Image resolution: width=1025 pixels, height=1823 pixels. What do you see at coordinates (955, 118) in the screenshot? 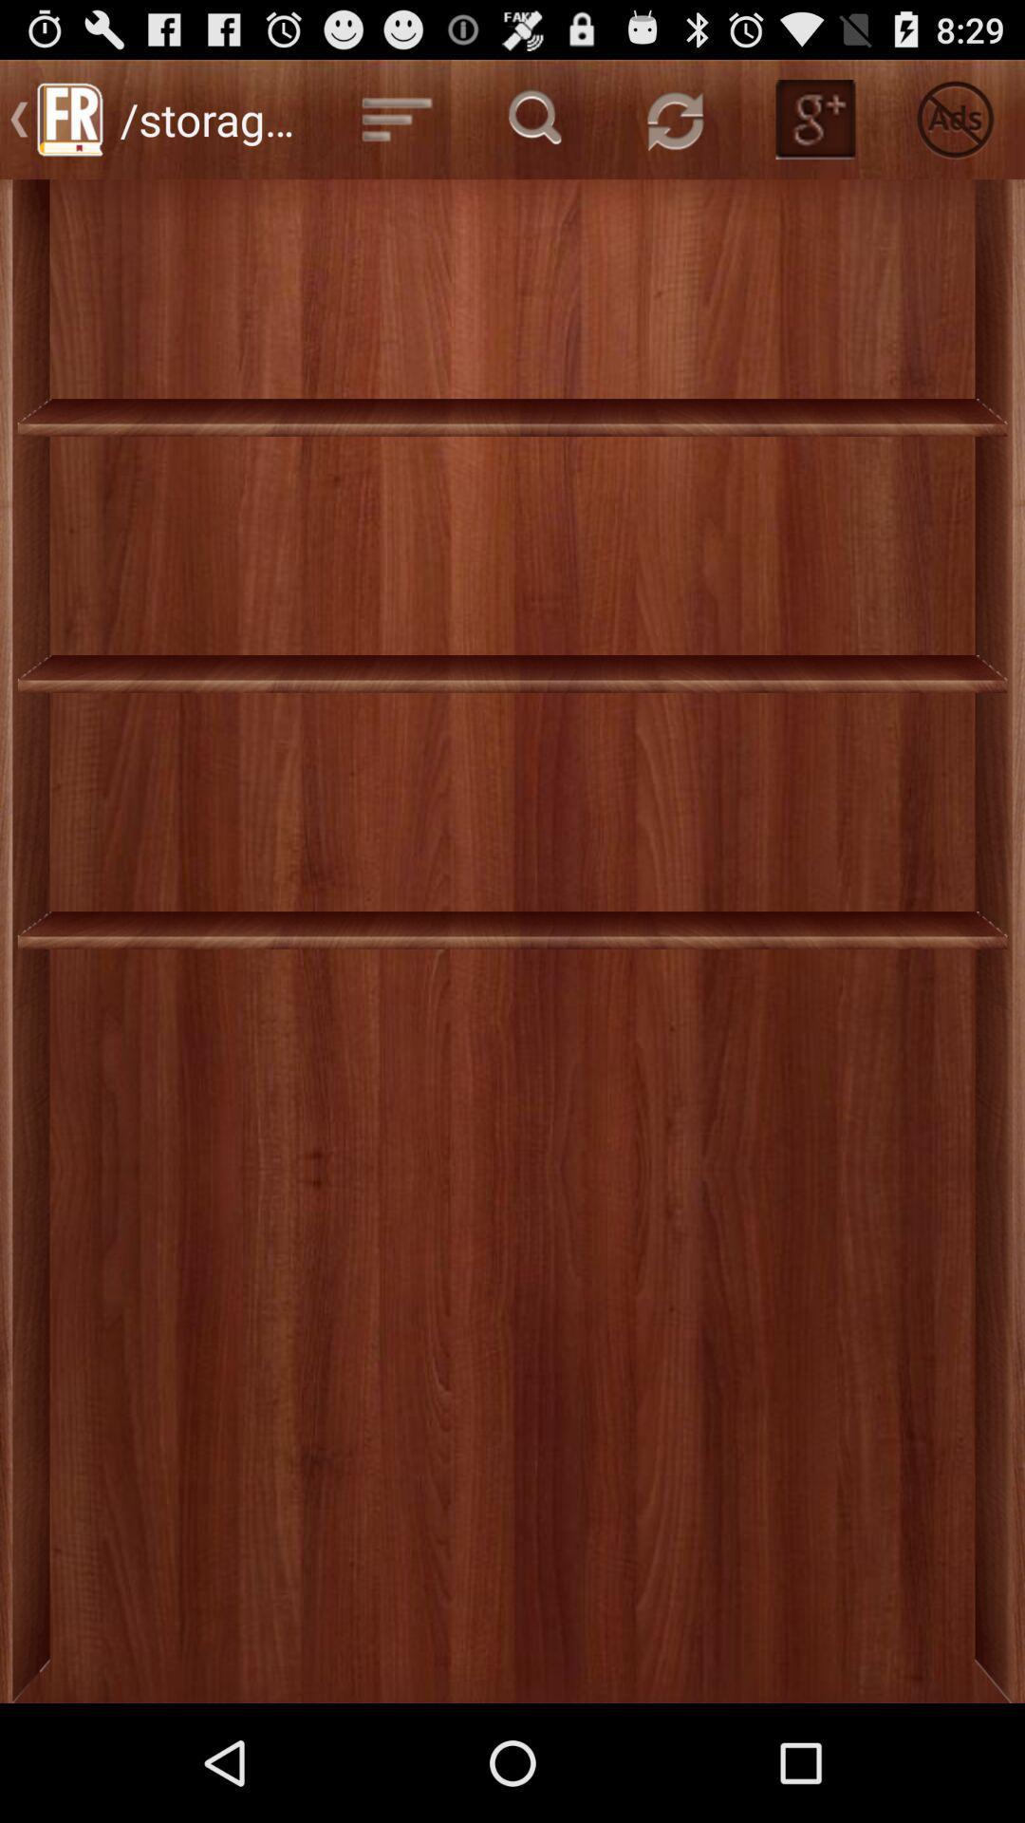
I see `no ads icon` at bounding box center [955, 118].